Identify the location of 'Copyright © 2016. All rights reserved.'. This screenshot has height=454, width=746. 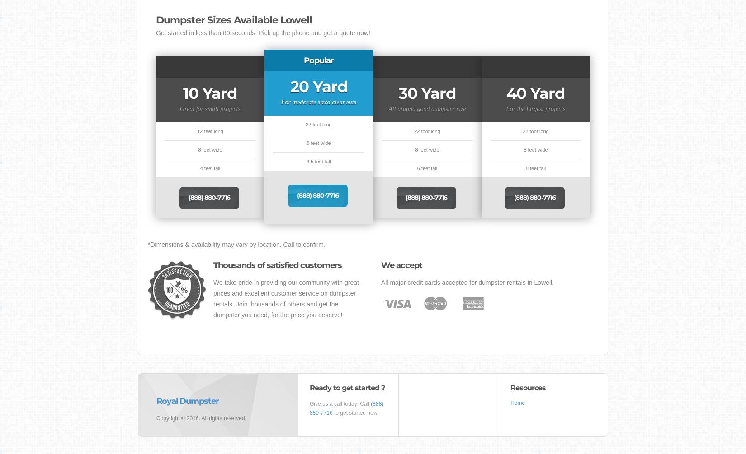
(201, 418).